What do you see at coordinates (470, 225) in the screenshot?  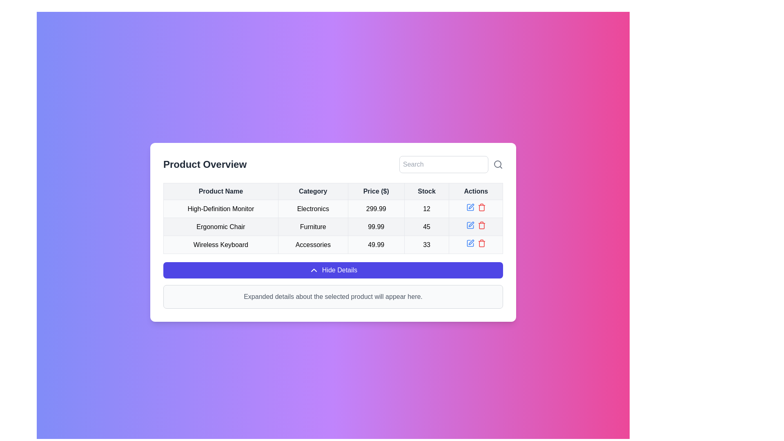 I see `the edit button located in the 'Actions' column of the second row in the table, which is the first action element to the left of the red trash icon` at bounding box center [470, 225].